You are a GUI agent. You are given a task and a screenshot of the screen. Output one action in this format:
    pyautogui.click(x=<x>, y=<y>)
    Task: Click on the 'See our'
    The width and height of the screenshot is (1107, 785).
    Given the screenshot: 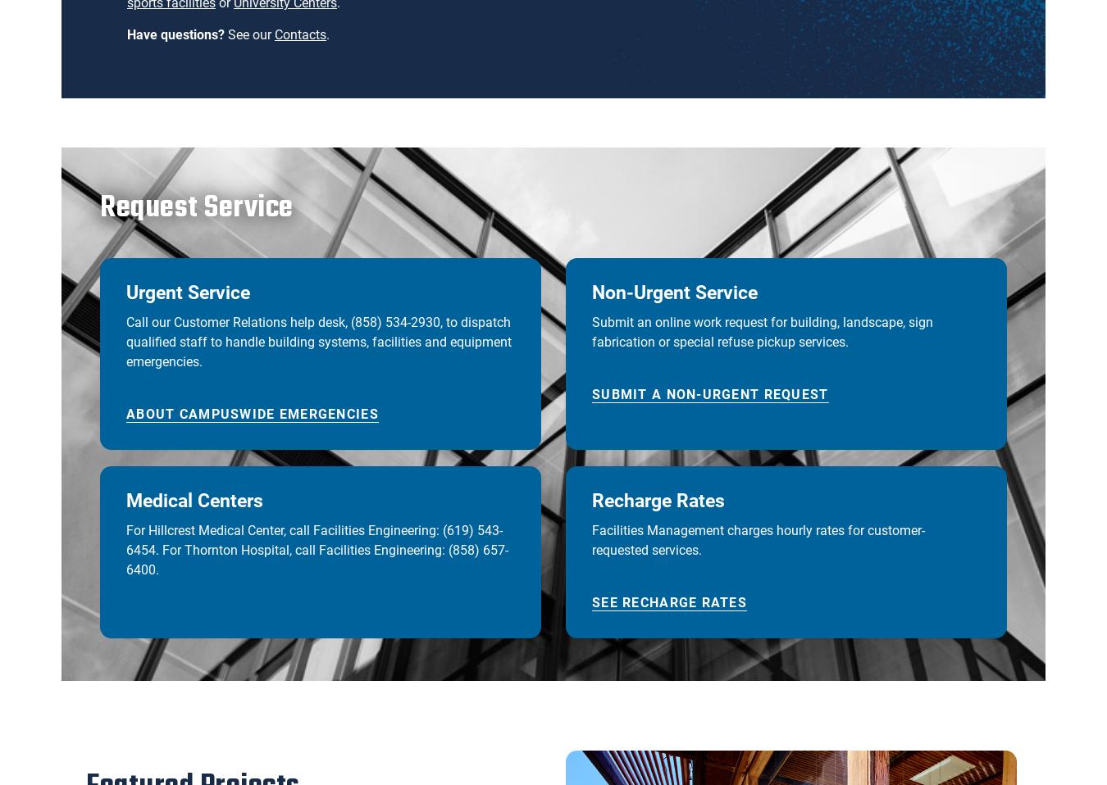 What is the action you would take?
    pyautogui.click(x=248, y=34)
    